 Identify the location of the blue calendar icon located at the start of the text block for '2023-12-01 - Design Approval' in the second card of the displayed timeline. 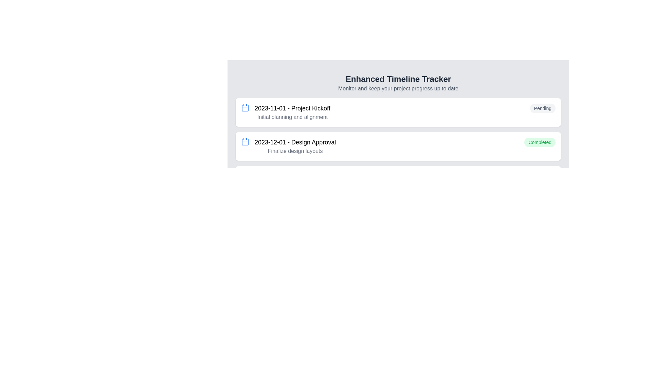
(244, 141).